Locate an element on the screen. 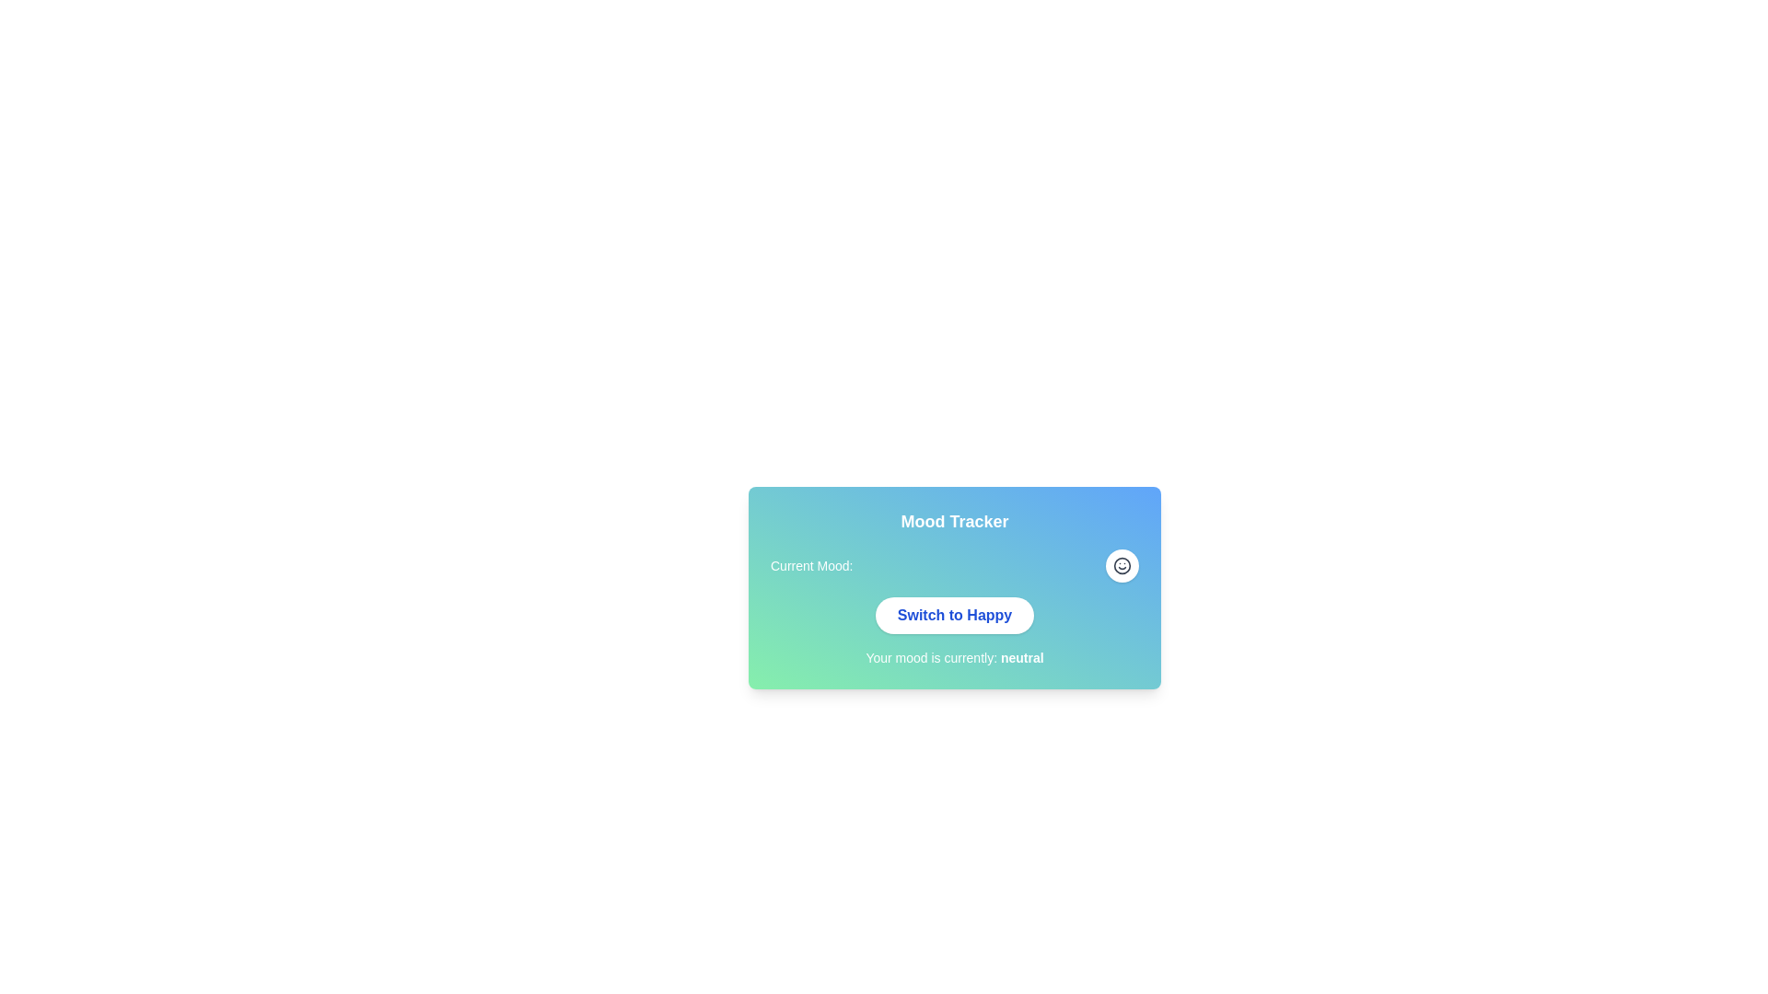 Image resolution: width=1768 pixels, height=994 pixels. the rounded button labeled 'Switch to Happy' is located at coordinates (954, 615).